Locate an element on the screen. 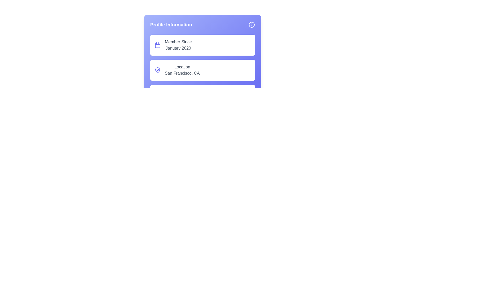 The width and height of the screenshot is (502, 282). the calendar icon representing the 'Member Since' information in the 'Profile Information' card is located at coordinates (157, 45).